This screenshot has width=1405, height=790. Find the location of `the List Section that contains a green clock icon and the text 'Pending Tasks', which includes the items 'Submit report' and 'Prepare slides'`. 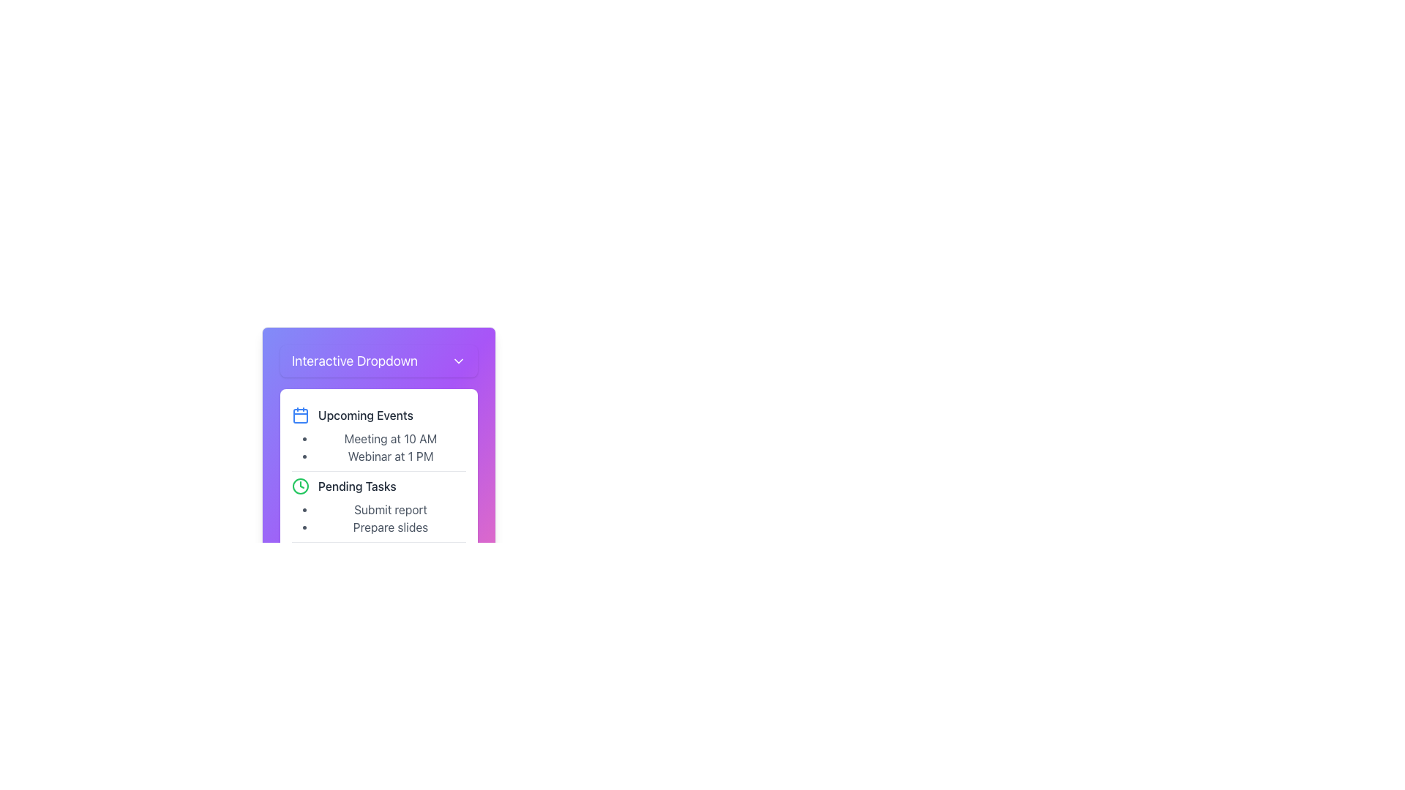

the List Section that contains a green clock icon and the text 'Pending Tasks', which includes the items 'Submit report' and 'Prepare slides' is located at coordinates (379, 505).